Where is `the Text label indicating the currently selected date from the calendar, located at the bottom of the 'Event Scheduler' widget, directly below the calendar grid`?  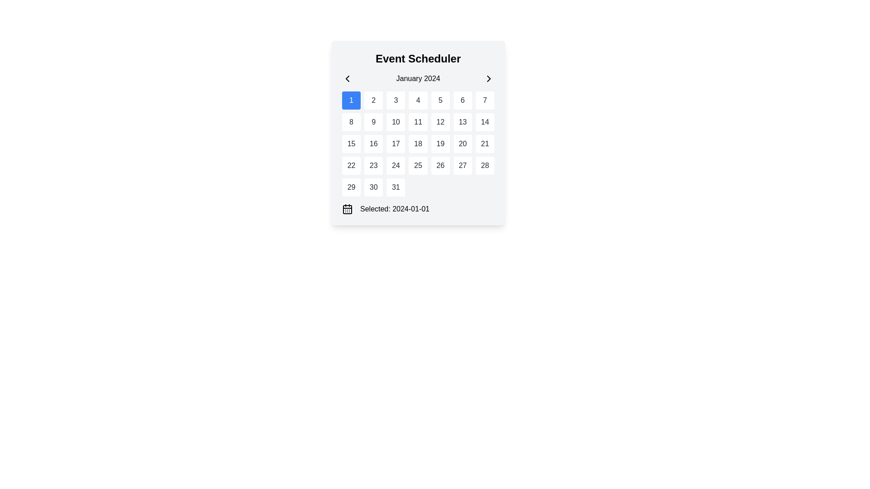
the Text label indicating the currently selected date from the calendar, located at the bottom of the 'Event Scheduler' widget, directly below the calendar grid is located at coordinates (417, 209).